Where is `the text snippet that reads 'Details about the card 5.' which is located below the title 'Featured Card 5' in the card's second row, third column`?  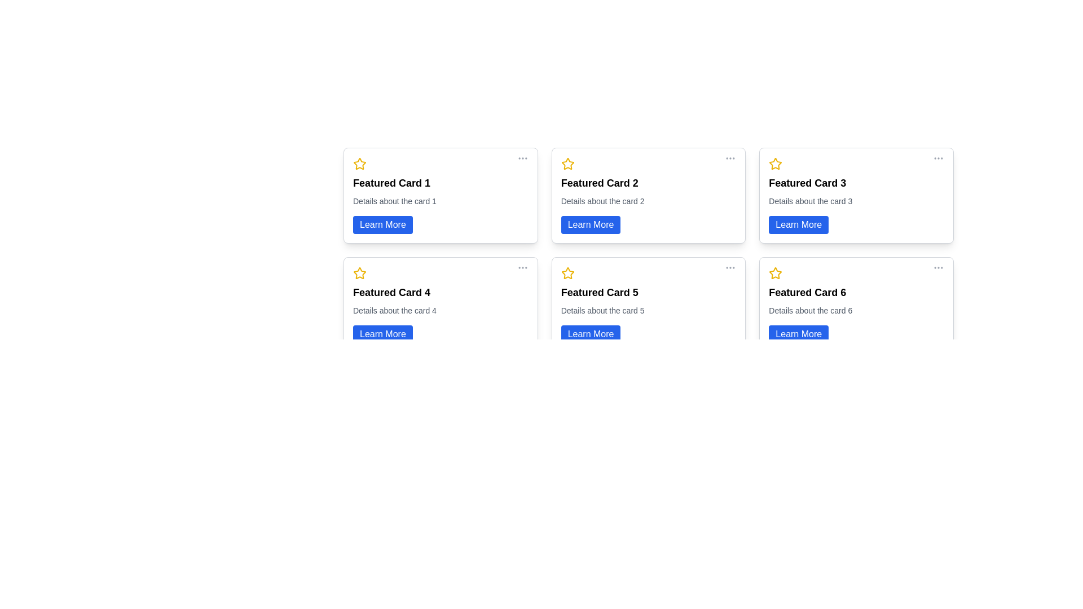 the text snippet that reads 'Details about the card 5.' which is located below the title 'Featured Card 5' in the card's second row, third column is located at coordinates (602, 311).